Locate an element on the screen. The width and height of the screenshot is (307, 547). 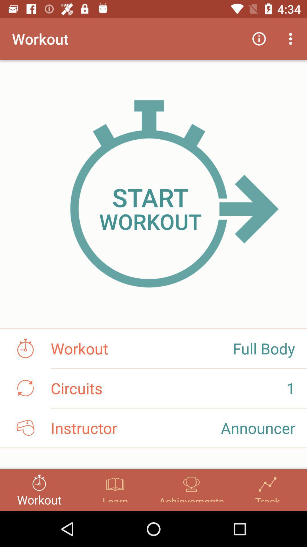
icon to the right of the workout icon is located at coordinates (259, 38).